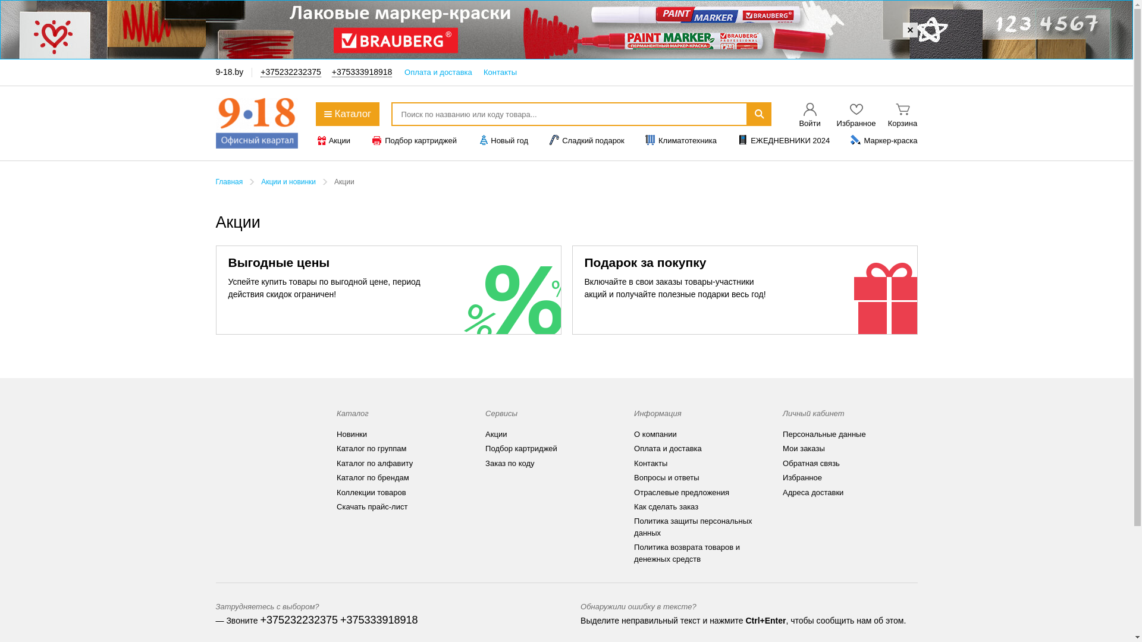 The image size is (1142, 642). What do you see at coordinates (291, 72) in the screenshot?
I see `'+375232232375'` at bounding box center [291, 72].